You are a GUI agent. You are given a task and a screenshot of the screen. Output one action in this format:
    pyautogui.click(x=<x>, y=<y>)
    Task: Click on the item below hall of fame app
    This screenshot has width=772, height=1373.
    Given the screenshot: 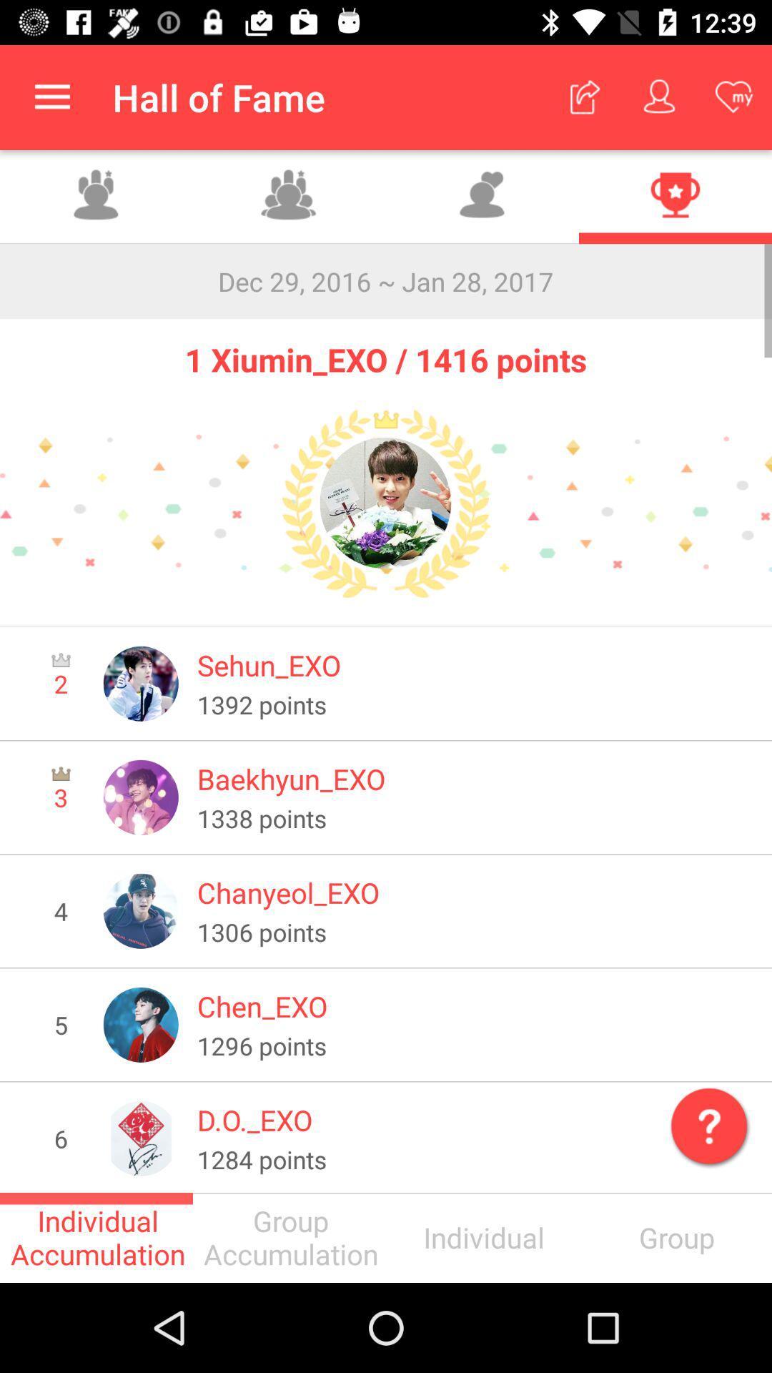 What is the action you would take?
    pyautogui.click(x=289, y=196)
    